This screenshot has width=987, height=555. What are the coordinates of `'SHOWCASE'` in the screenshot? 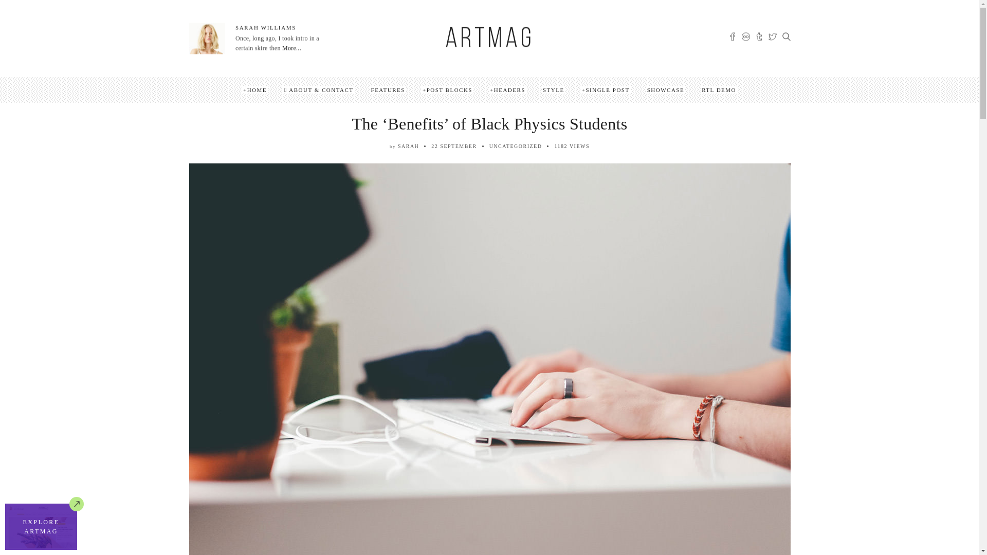 It's located at (646, 89).